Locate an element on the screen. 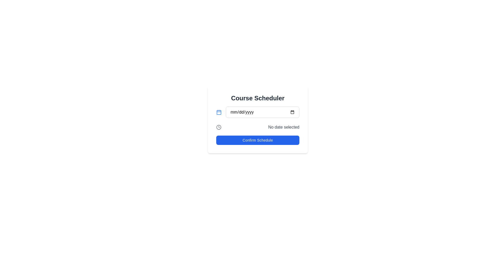  the graphical icon component that visually represents a calendar within the calendar icon, located to the left of the 'mm/dd/yyyy' text box is located at coordinates (219, 112).